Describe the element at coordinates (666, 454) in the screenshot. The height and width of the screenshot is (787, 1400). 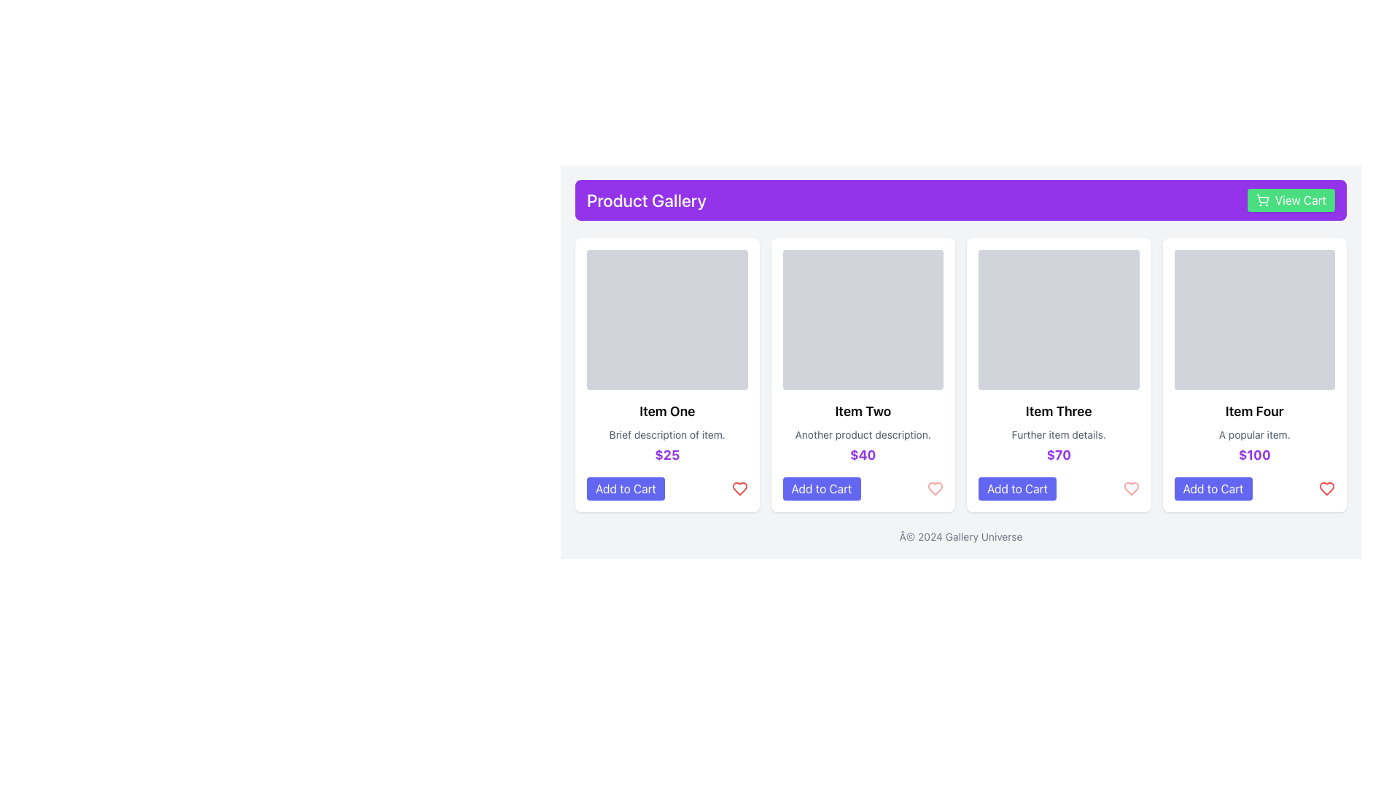
I see `the price text label displaying '$25' in bold purple font, located within the product card for 'Item One' in the first column of the product gallery` at that location.